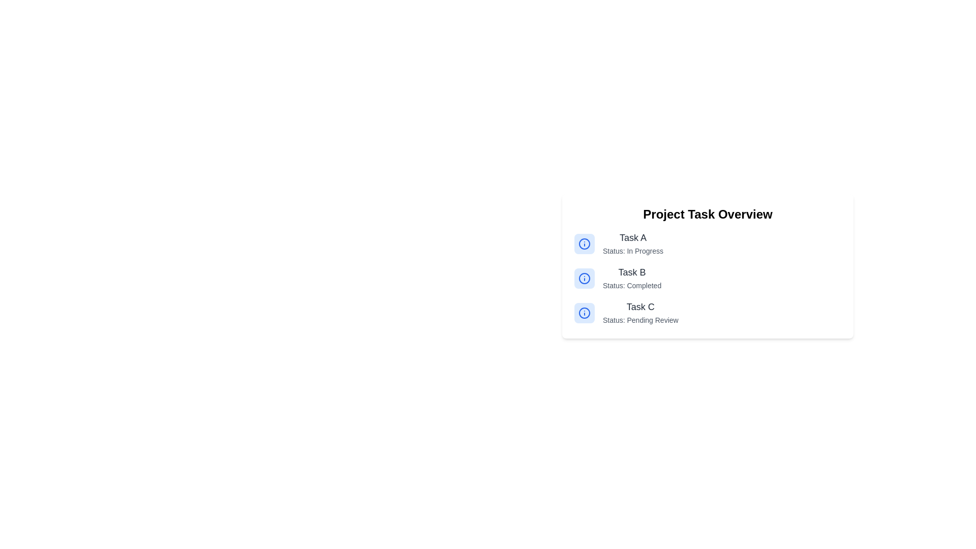  Describe the element at coordinates (585, 278) in the screenshot. I see `the information tooltip icon representing 'Task B', which is positioned to the left of the text 'Task B' and 'Status: Completed'` at that location.